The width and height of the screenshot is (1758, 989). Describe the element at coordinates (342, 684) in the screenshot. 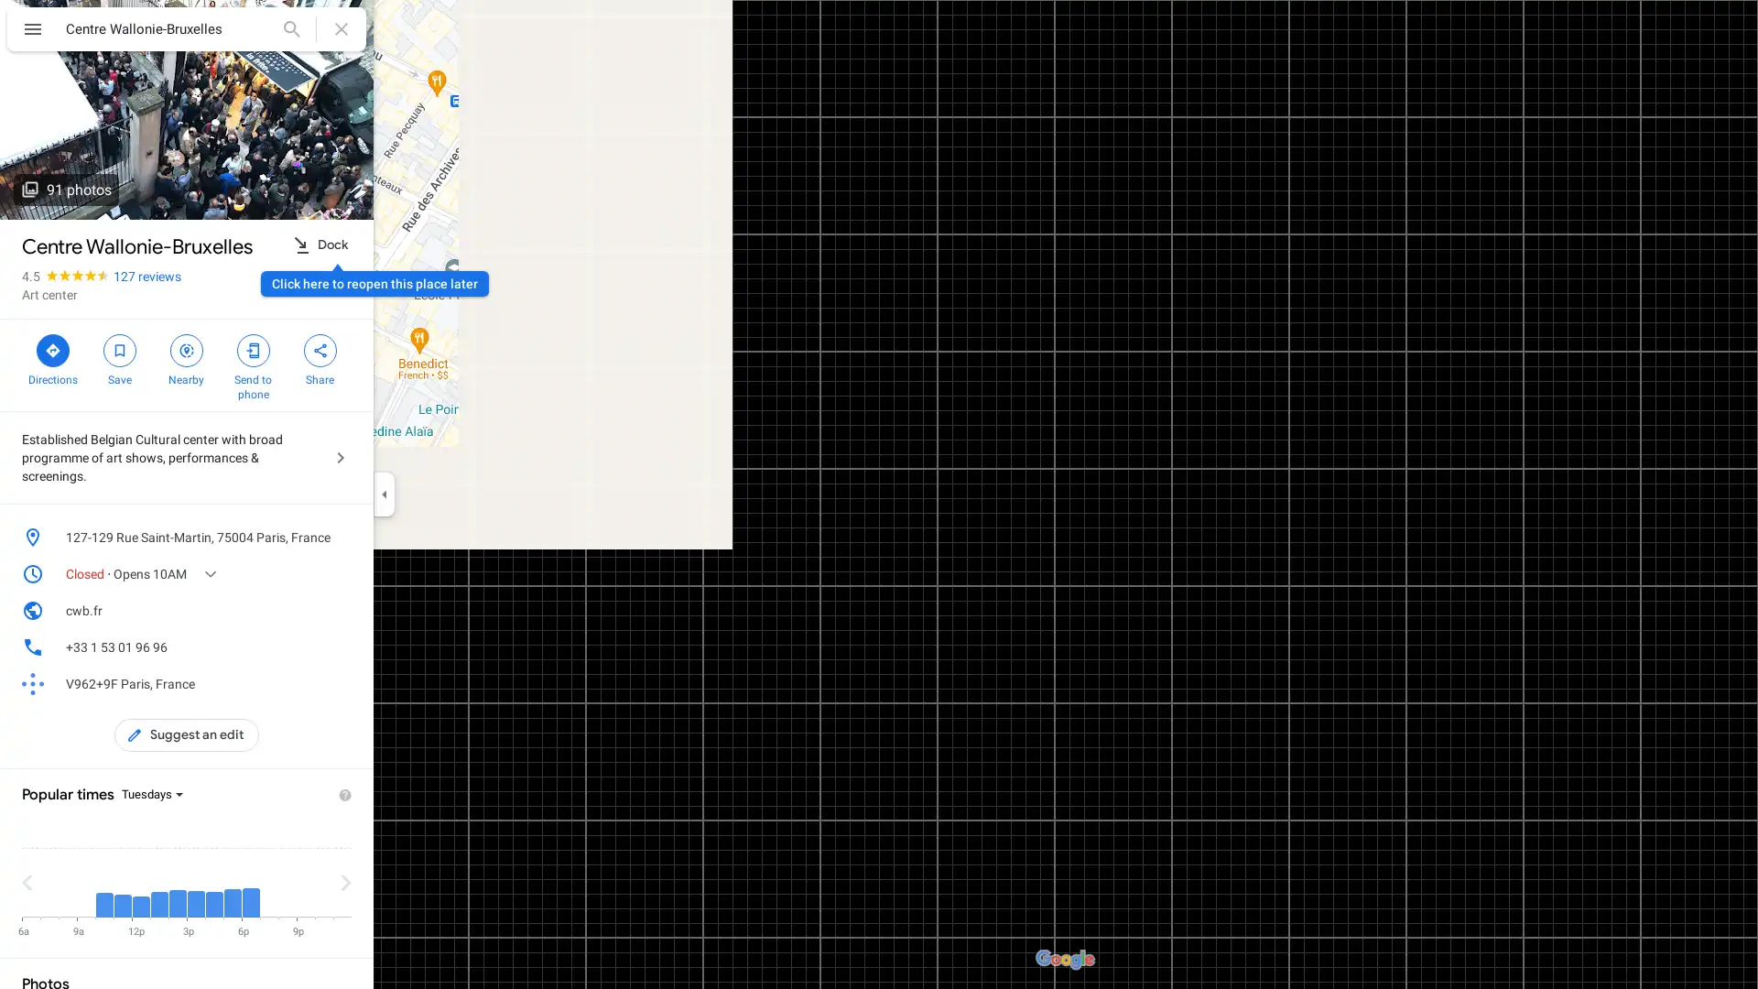

I see `Learn more about plus codes` at that location.